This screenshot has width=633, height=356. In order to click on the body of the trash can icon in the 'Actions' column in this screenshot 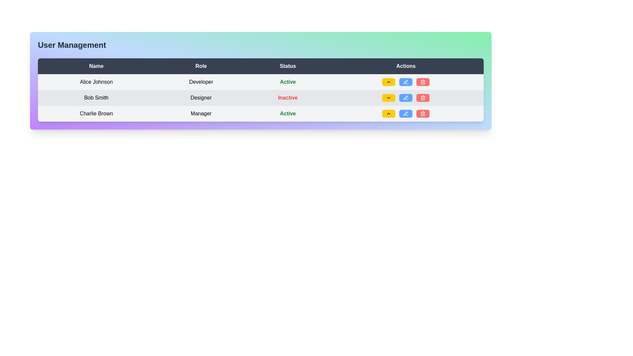, I will do `click(423, 82)`.